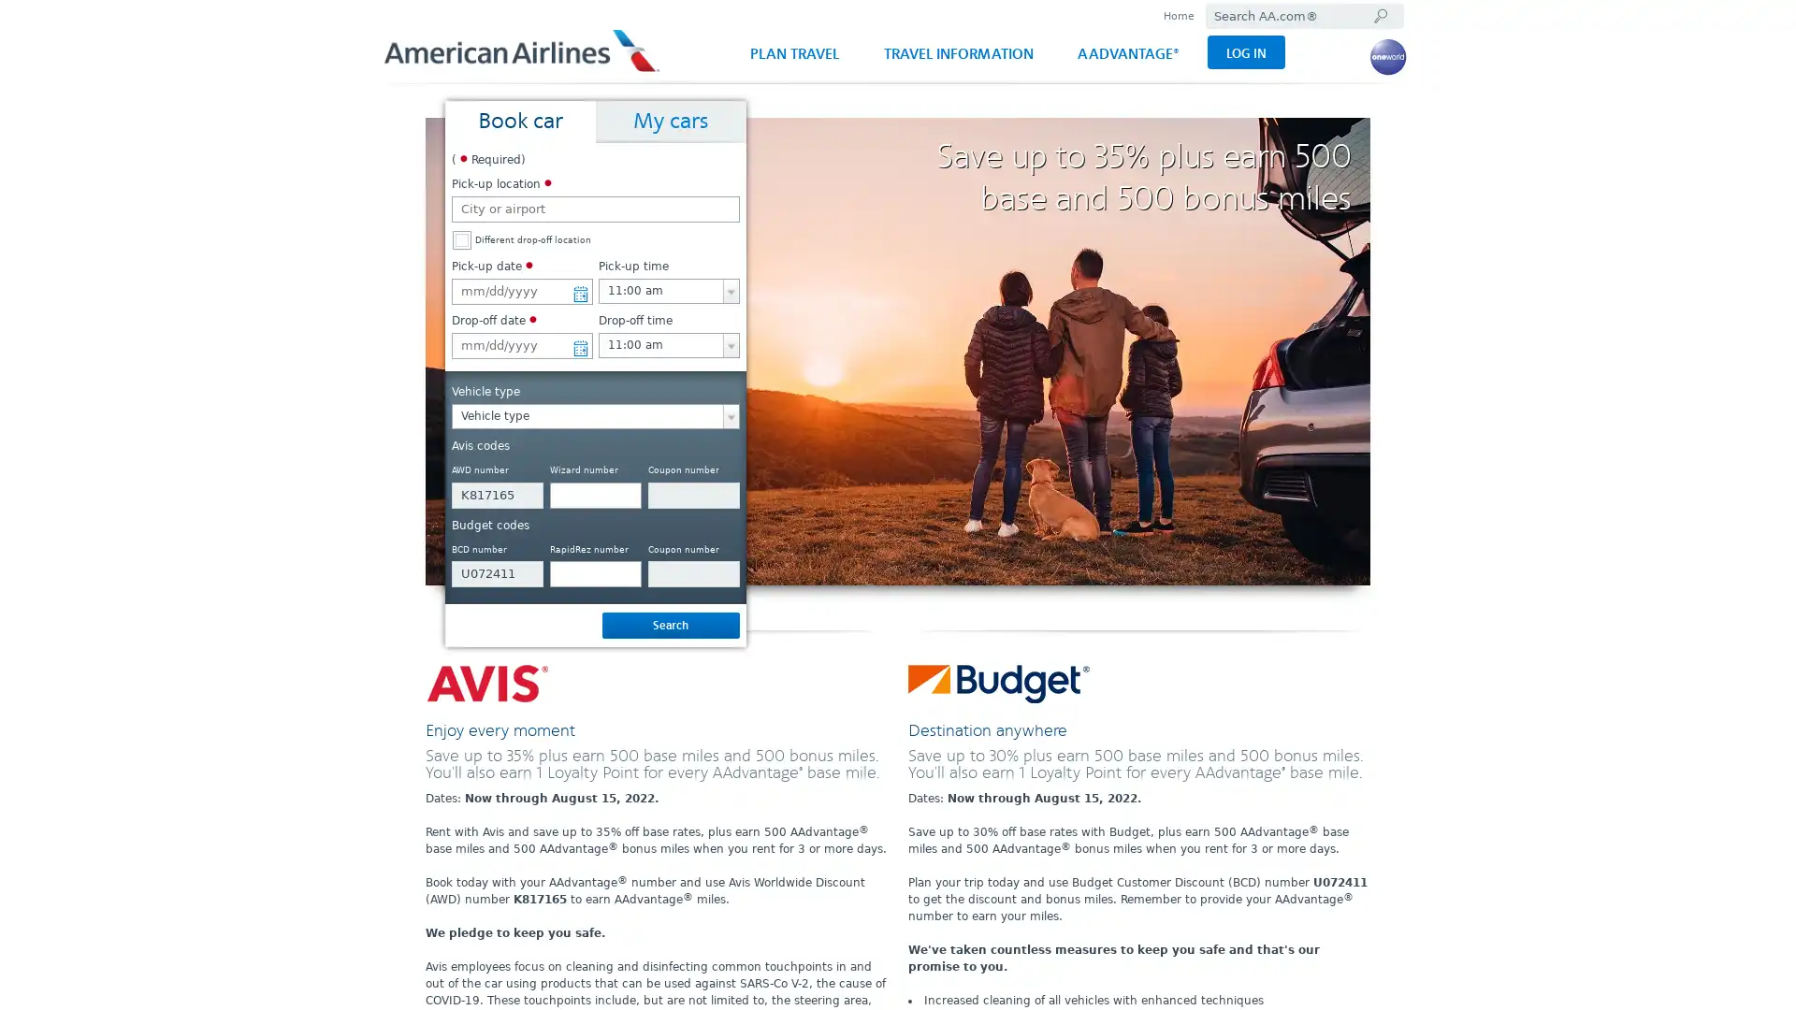  Describe the element at coordinates (578, 289) in the screenshot. I see `Open calendar: to navigate the calendar, use the control key with the arrow keys` at that location.